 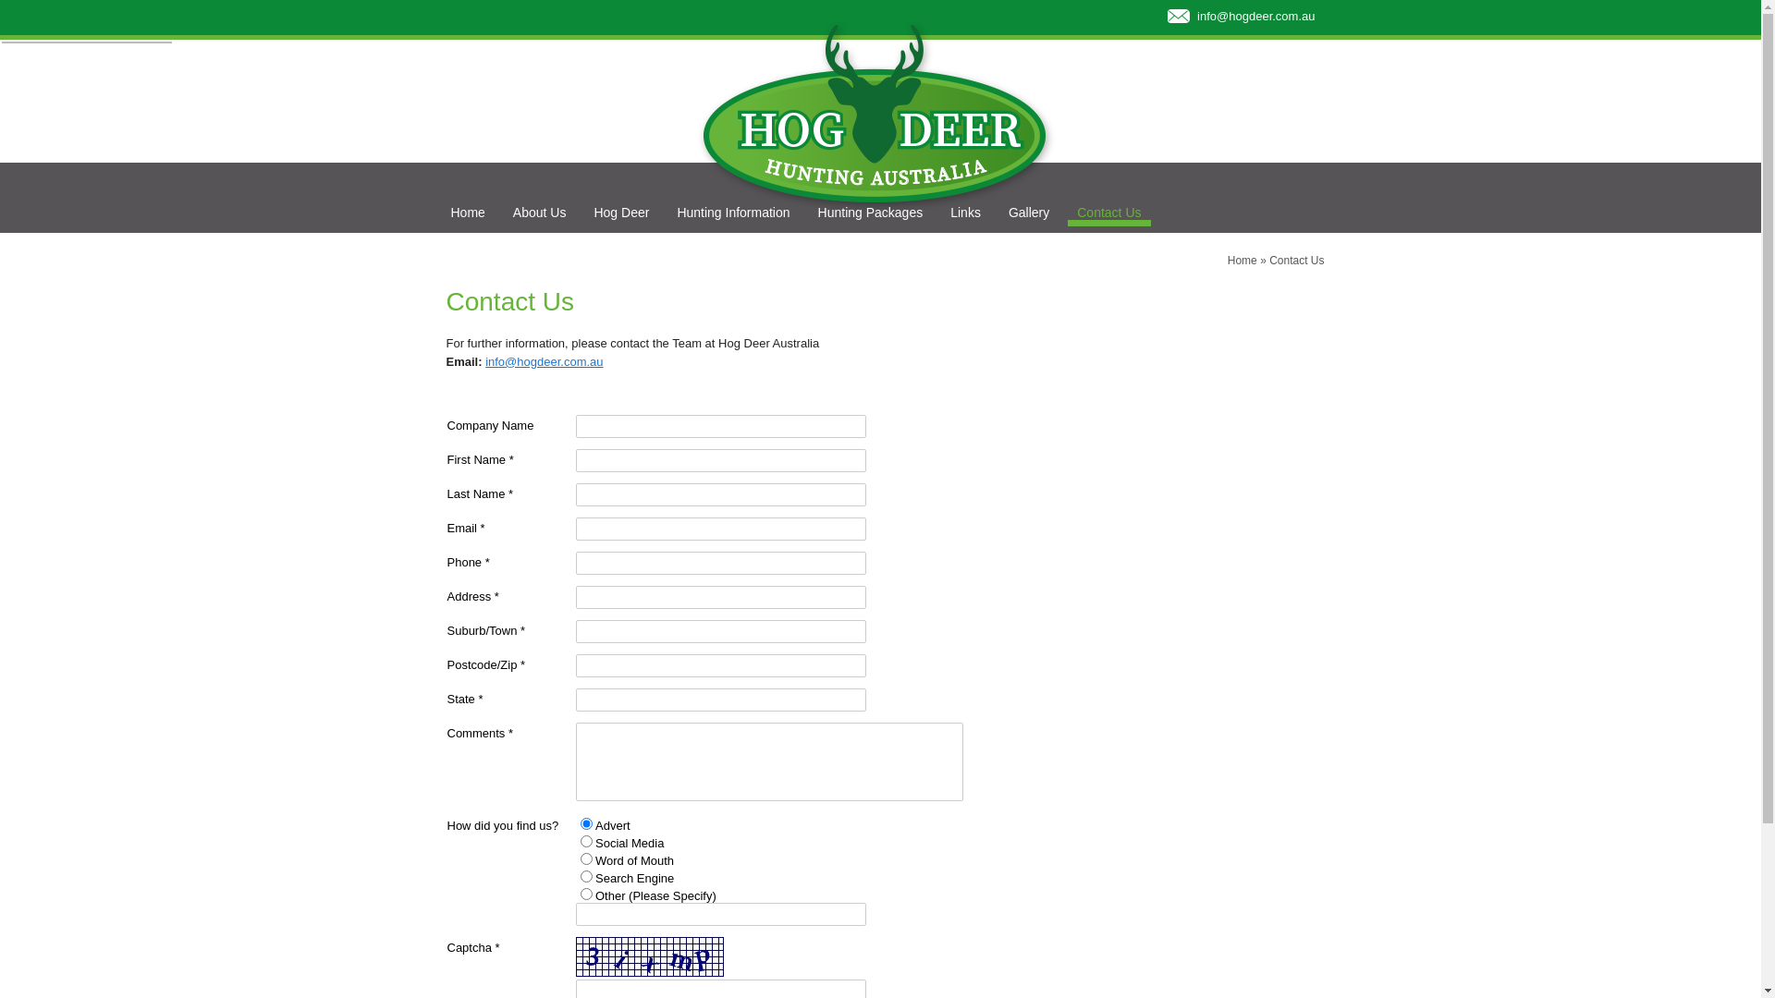 What do you see at coordinates (1176, 16) in the screenshot?
I see `'Contact Hod Deer Hunting Via Email'` at bounding box center [1176, 16].